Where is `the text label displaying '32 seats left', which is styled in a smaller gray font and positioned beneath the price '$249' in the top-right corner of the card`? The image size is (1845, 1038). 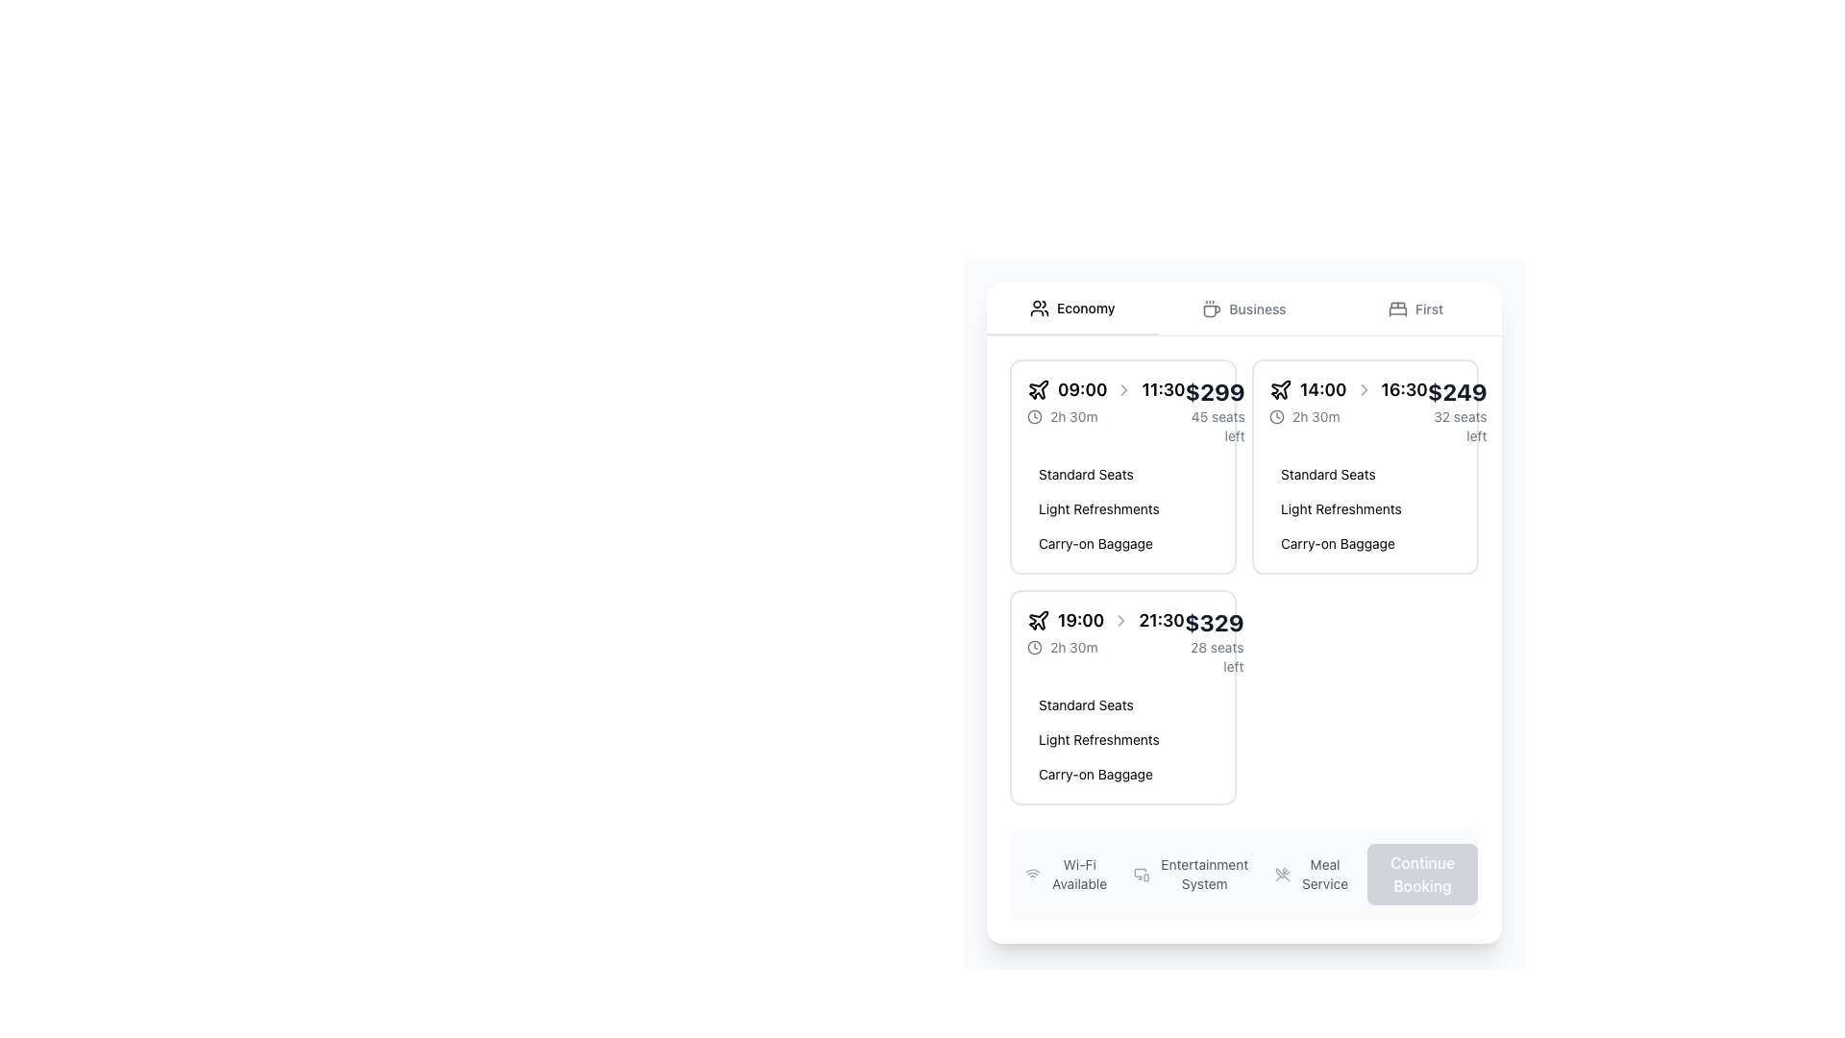
the text label displaying '32 seats left', which is styled in a smaller gray font and positioned beneath the price '$249' in the top-right corner of the card is located at coordinates (1457, 425).